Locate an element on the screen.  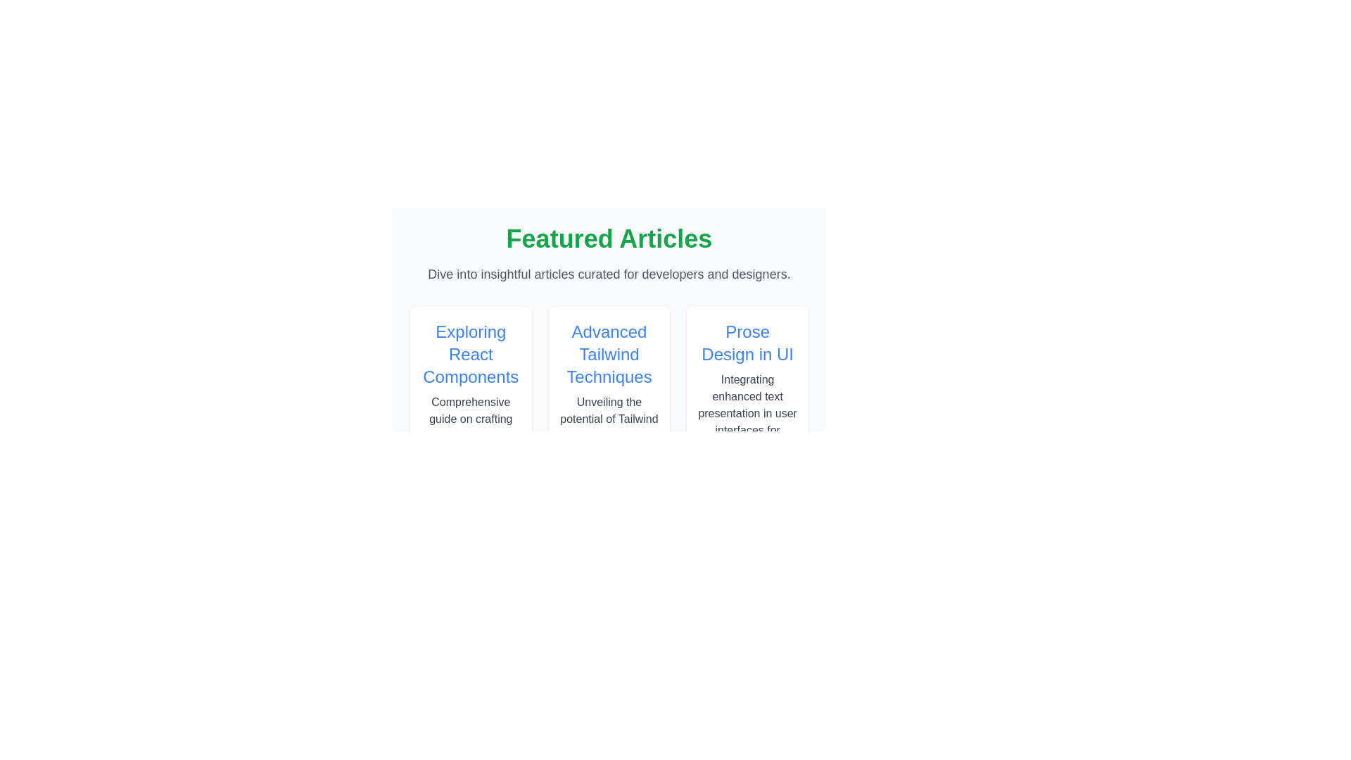
the text heading titled 'Exploring React Components' which is displayed in a large, bold, blue font at the top of the first card in the 'Featured Articles' section is located at coordinates (471, 354).